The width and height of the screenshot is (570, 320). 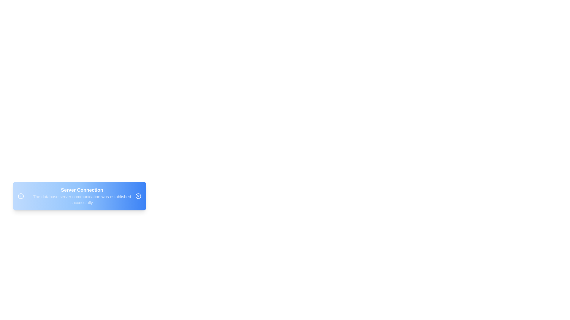 What do you see at coordinates (21, 196) in the screenshot?
I see `the informational icon to focus on it` at bounding box center [21, 196].